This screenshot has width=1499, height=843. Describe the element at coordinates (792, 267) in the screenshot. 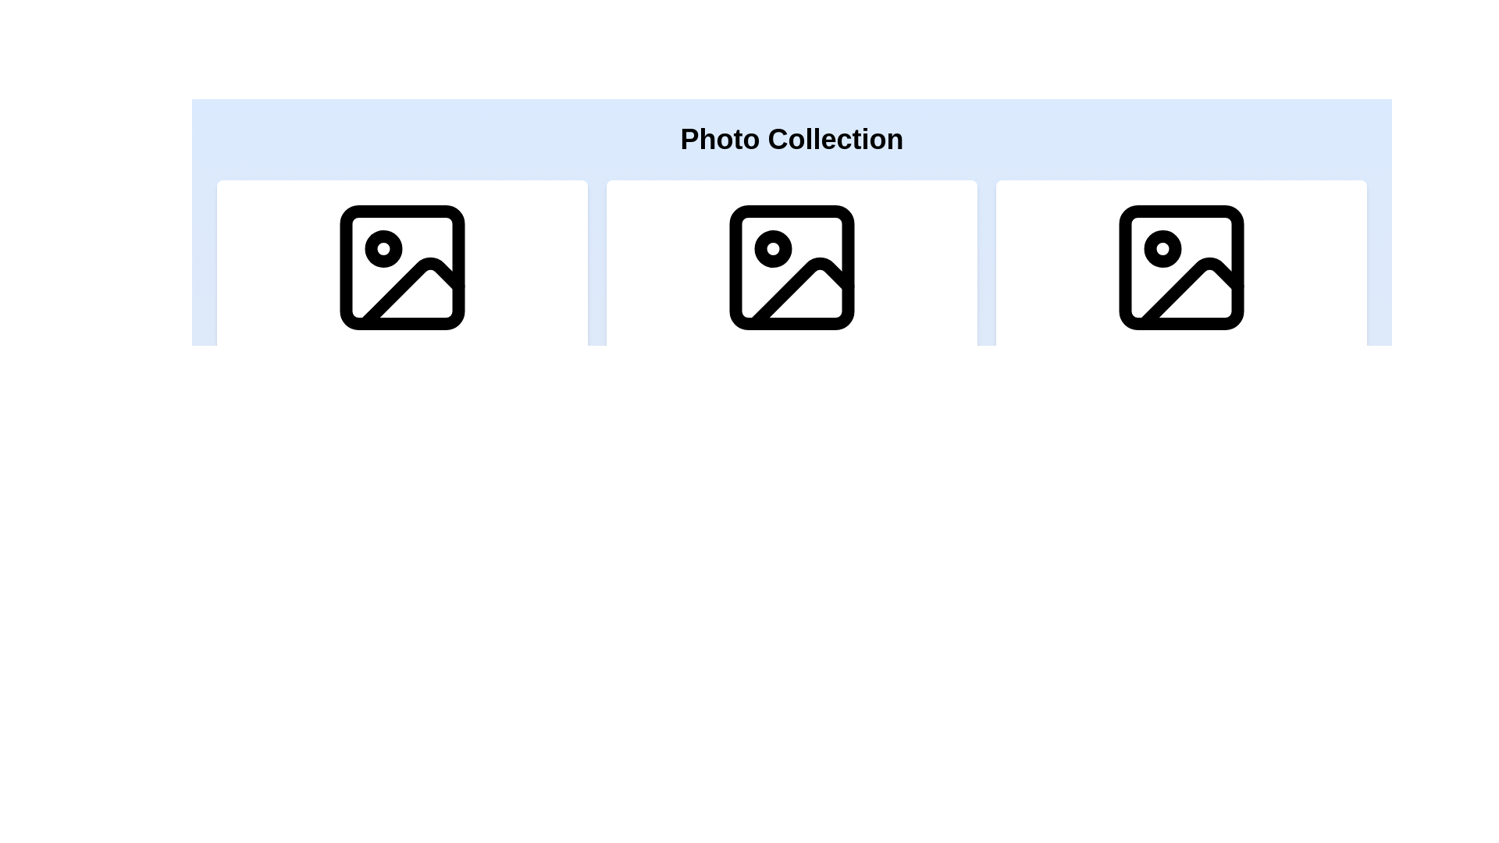

I see `the square frame element located in the middle column of the three-column layout under the 'Photo Collection' title` at that location.